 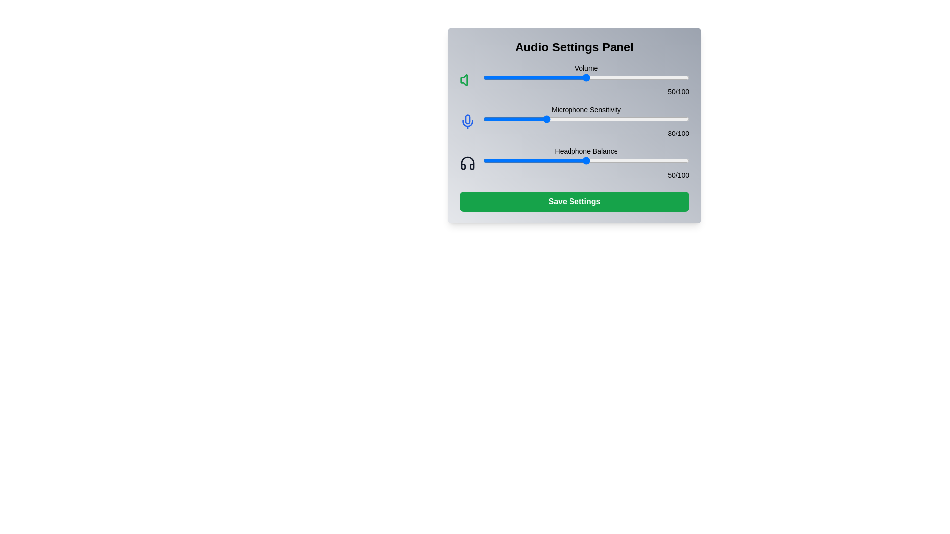 I want to click on the microphone sensitivity, so click(x=660, y=118).